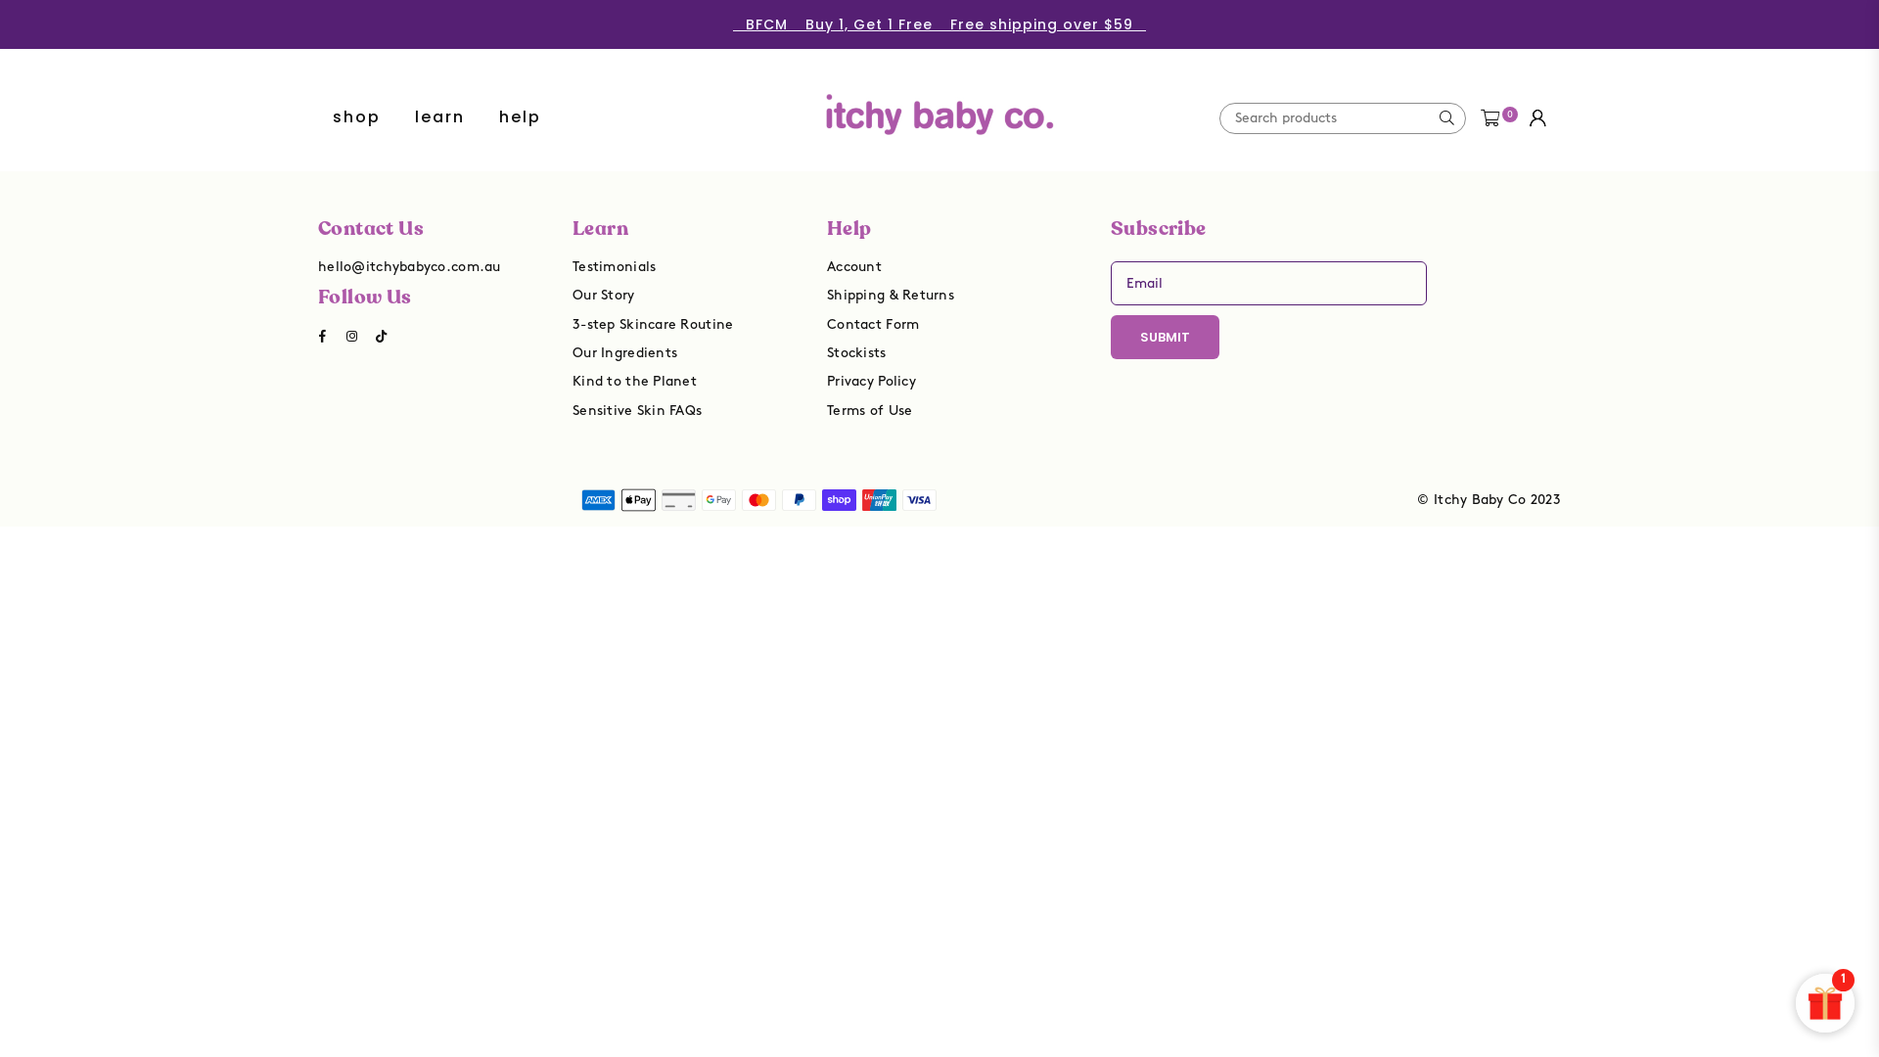  I want to click on 'Contact Form', so click(872, 323).